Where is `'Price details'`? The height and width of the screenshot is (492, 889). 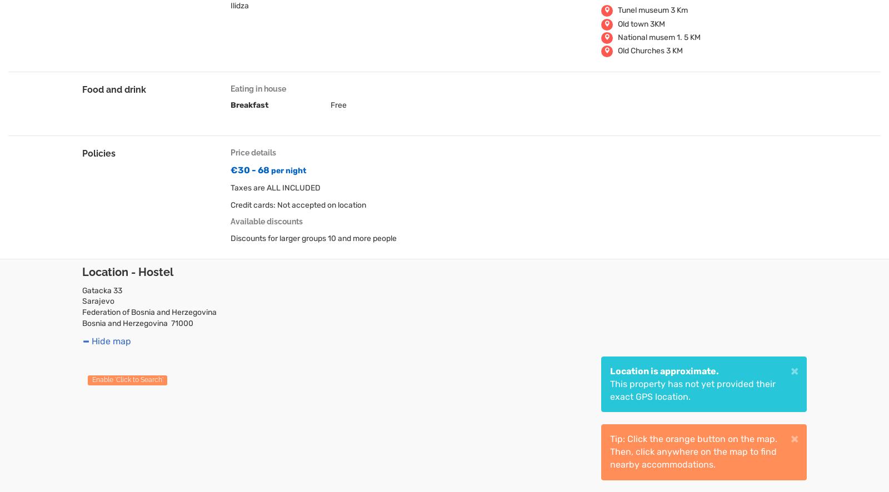
'Price details' is located at coordinates (252, 153).